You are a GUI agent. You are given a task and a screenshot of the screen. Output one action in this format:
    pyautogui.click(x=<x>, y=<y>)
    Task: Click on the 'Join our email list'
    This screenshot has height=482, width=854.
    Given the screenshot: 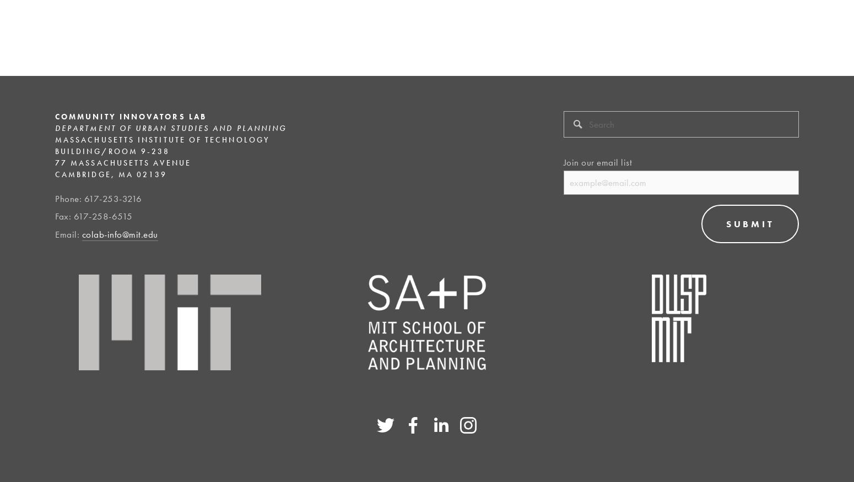 What is the action you would take?
    pyautogui.click(x=597, y=161)
    